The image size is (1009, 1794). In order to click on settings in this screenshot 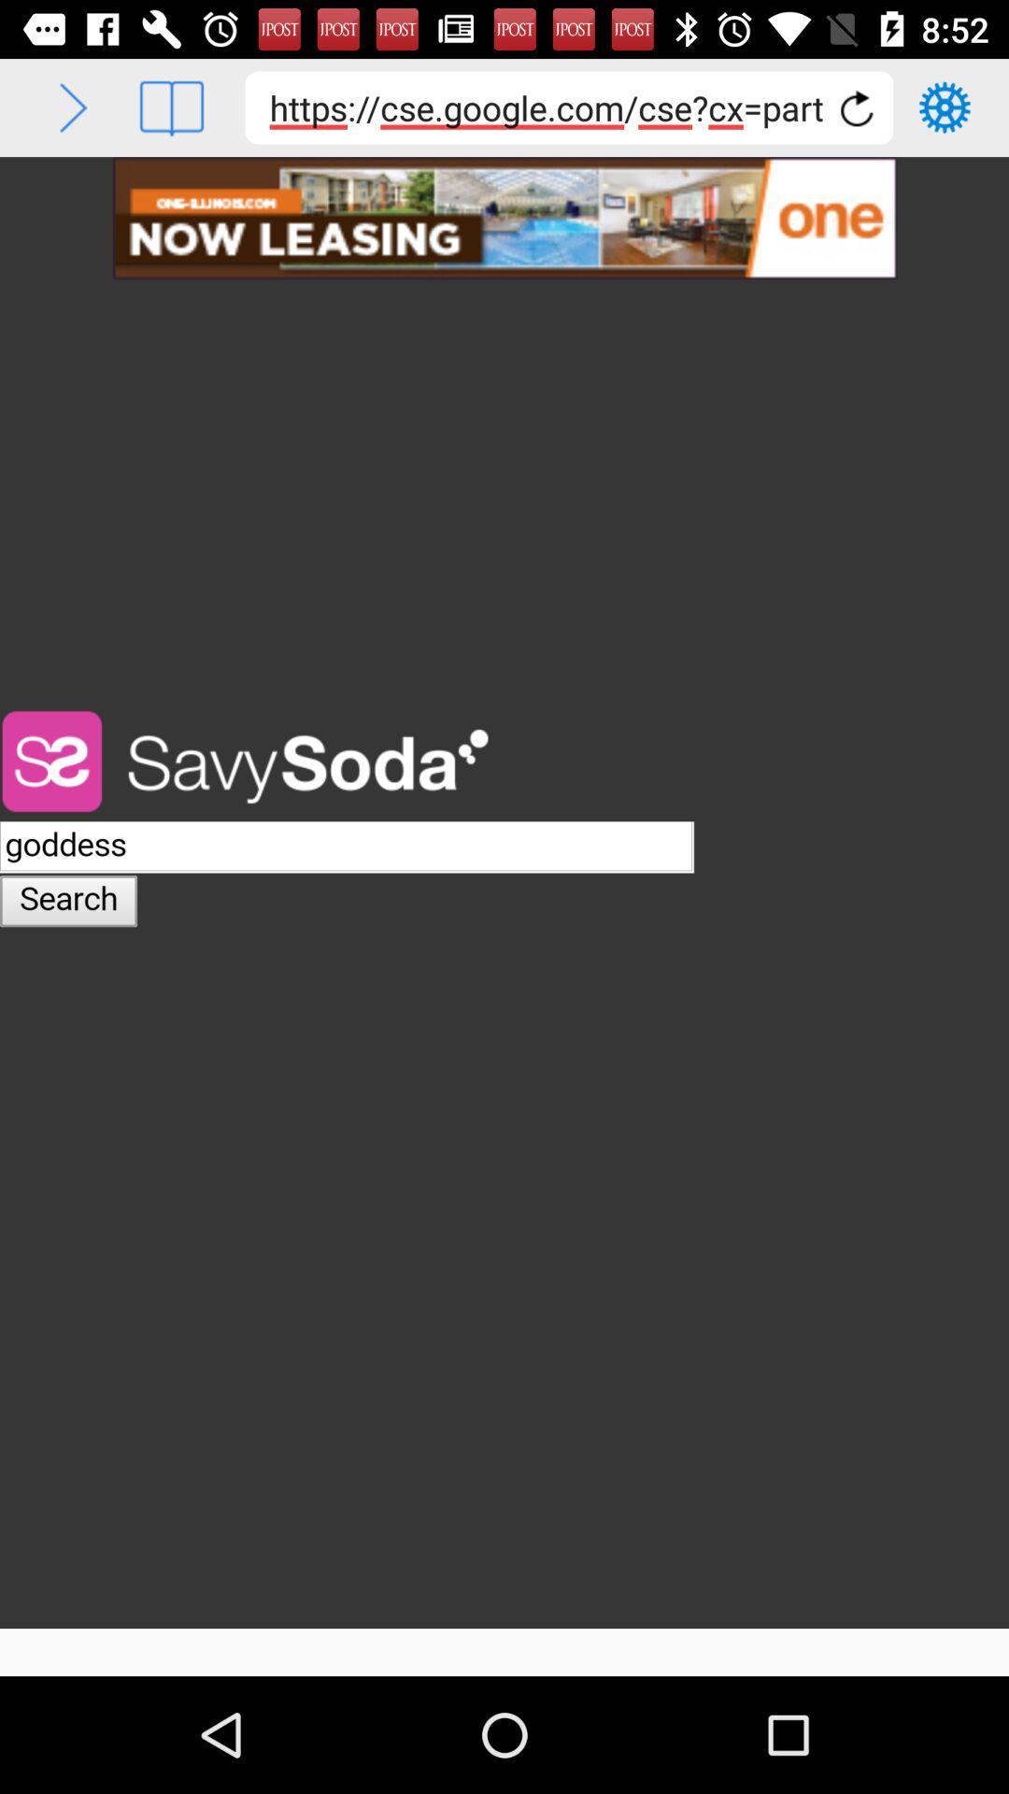, I will do `click(945, 107)`.